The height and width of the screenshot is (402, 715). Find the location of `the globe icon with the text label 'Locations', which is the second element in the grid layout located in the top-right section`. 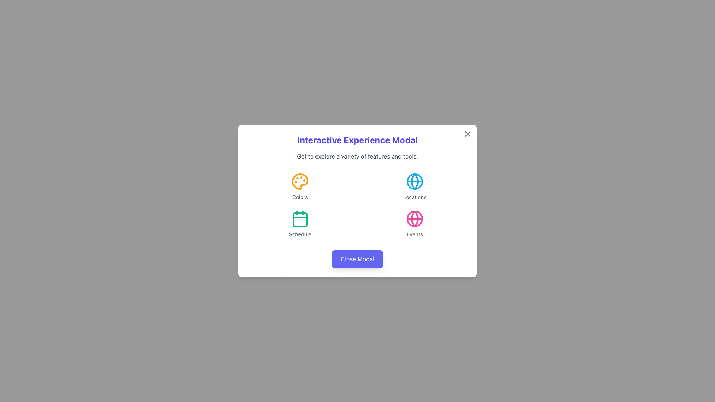

the globe icon with the text label 'Locations', which is the second element in the grid layout located in the top-right section is located at coordinates (414, 186).